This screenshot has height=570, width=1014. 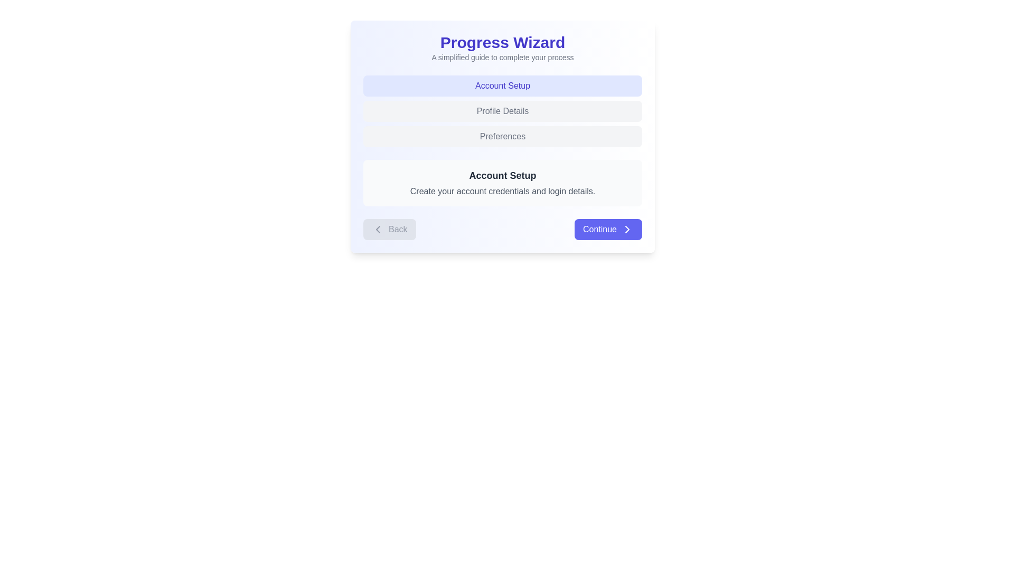 I want to click on the 'Progress Wizard' heading text element located at the top-center of the interface, so click(x=502, y=42).